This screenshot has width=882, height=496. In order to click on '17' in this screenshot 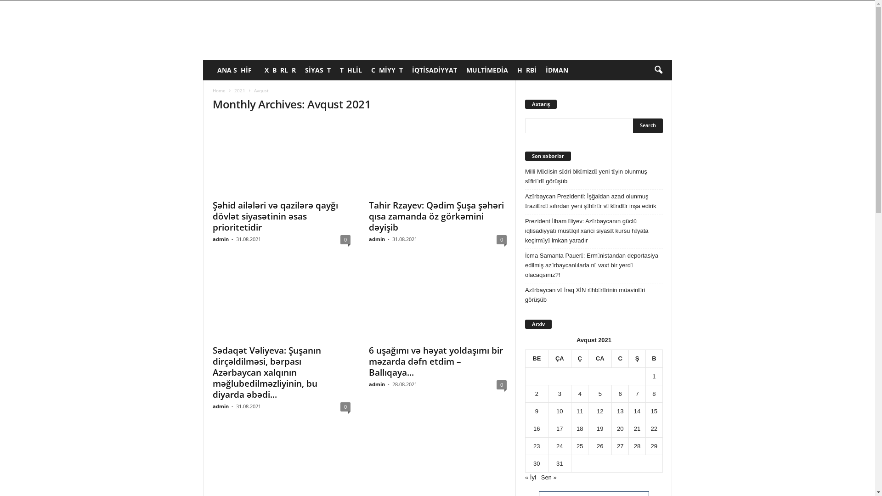, I will do `click(559, 428)`.